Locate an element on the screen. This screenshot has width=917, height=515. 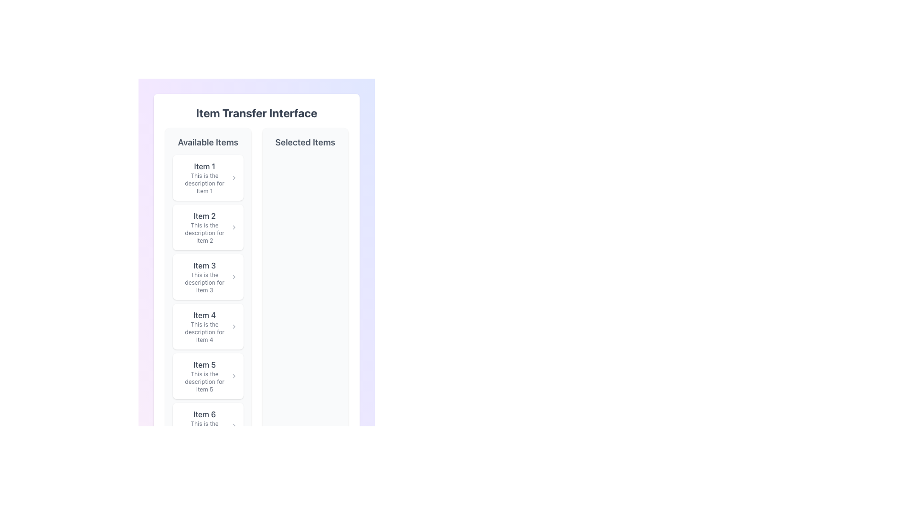
the item card for 'Item 6' located in the left column under the 'Available Items' heading is located at coordinates (207, 425).